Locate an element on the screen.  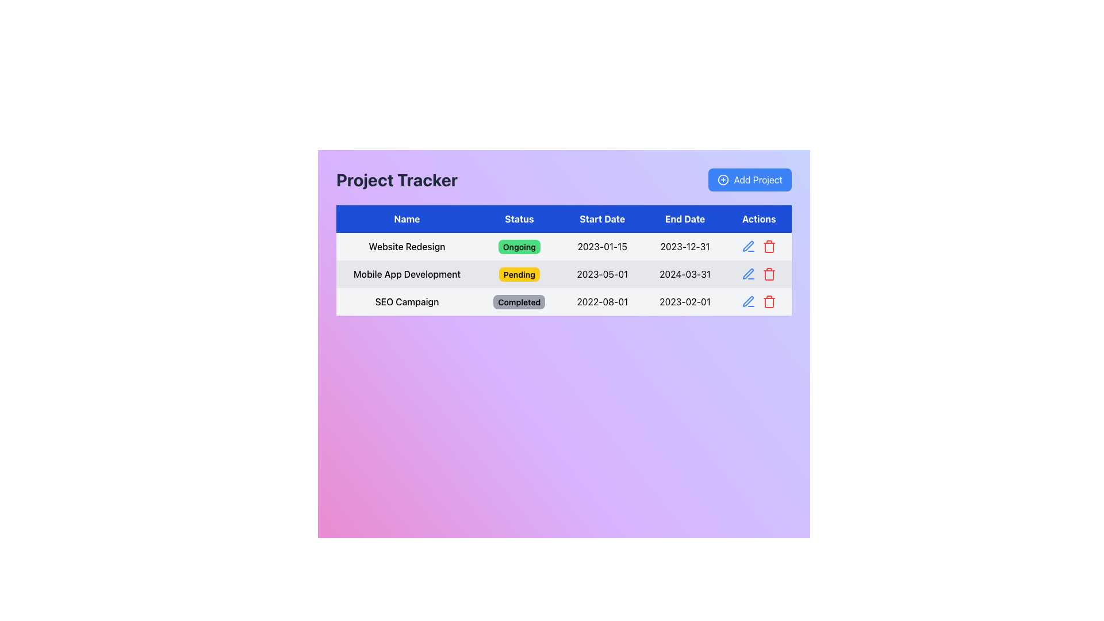
the edit icon button for the 'Mobile App Development' project in the first position of the 'Actions' column of the second data row to initiate editing is located at coordinates (748, 301).